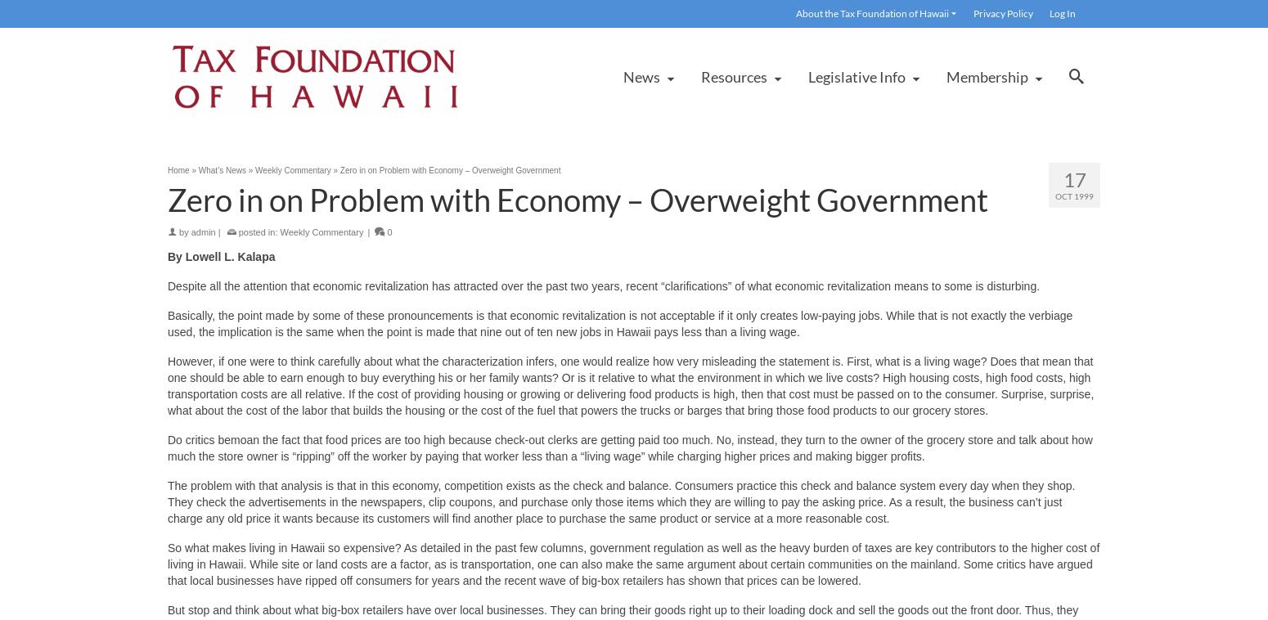 The image size is (1268, 620). What do you see at coordinates (633, 564) in the screenshot?
I see `'So what makes living in Hawaii so expensive? As detailed in the past few columns, government regulation as well as the heavy burden of taxes are key contributors to the higher cost of living in Hawaii. While site or land costs are a factor, as is transportation, one can also make the same argument about certain communities on the mainland. Some critics have argued that local businesses have ripped off consumers for years and the recent wave of big-box retailers has shown that prices can be lowered.'` at bounding box center [633, 564].